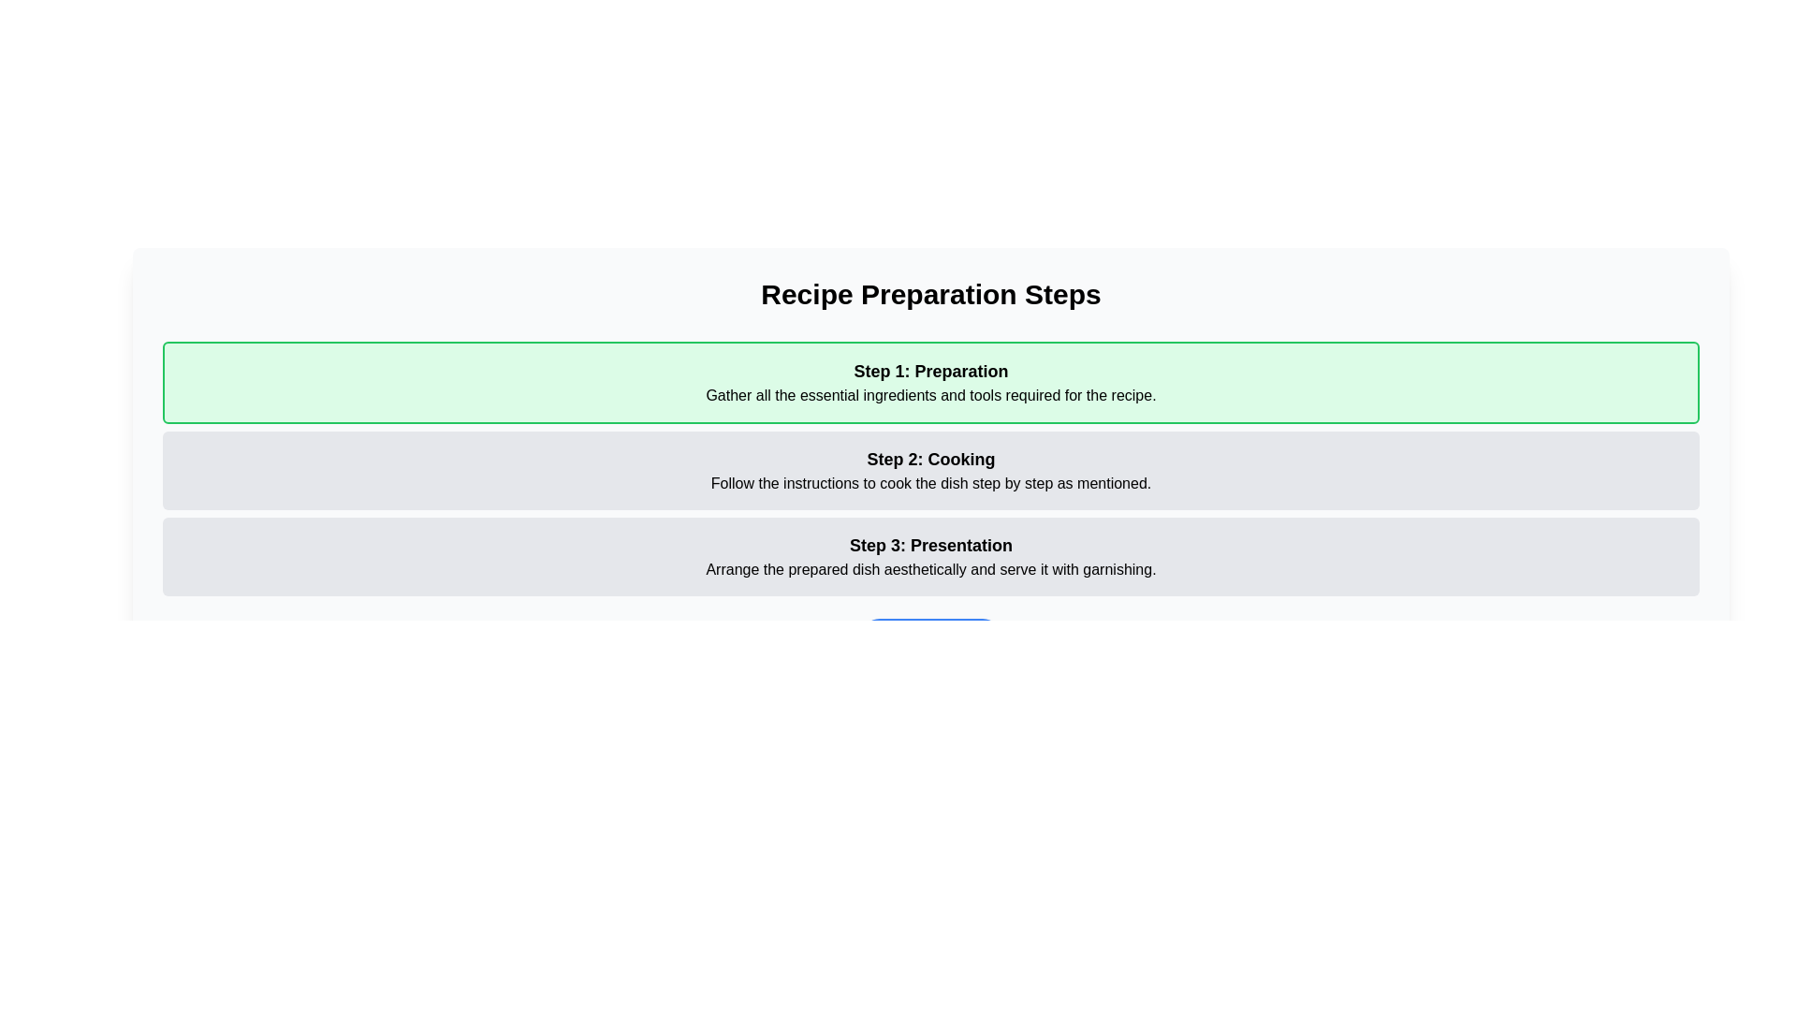 The height and width of the screenshot is (1011, 1797). I want to click on the static text element that reads 'Gather all the essential ingredients and tools required for the recipe.' located under the bold text 'Step 1: Preparation.', so click(930, 395).